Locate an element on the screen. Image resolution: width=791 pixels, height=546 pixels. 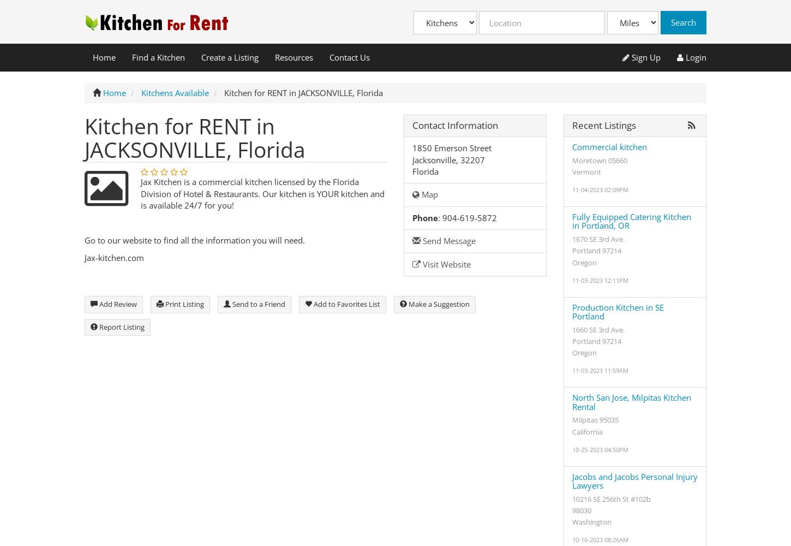
'Visit Website' is located at coordinates (445, 263).